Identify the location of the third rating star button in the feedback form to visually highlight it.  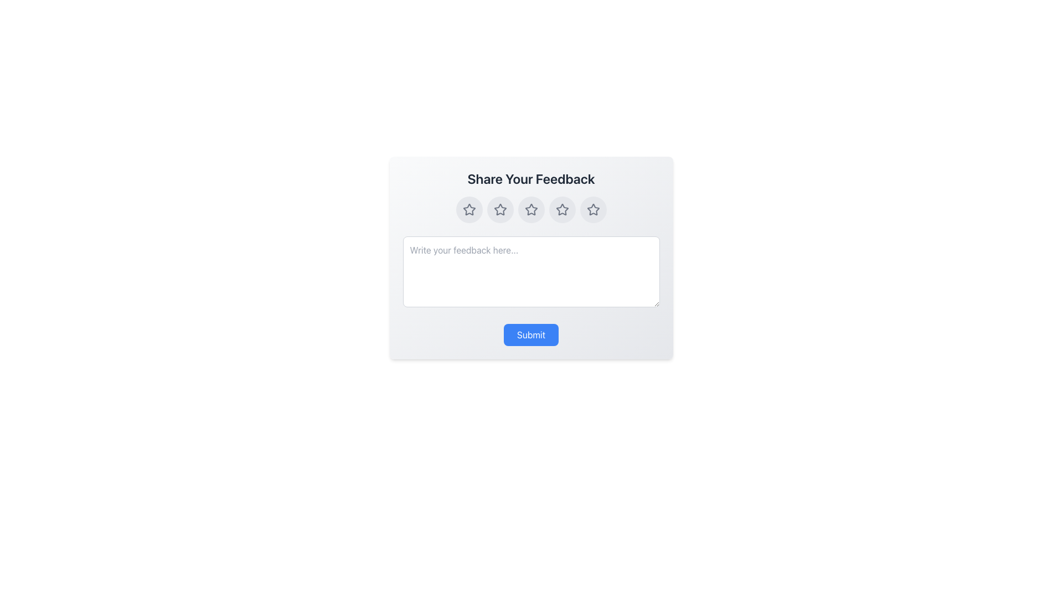
(530, 209).